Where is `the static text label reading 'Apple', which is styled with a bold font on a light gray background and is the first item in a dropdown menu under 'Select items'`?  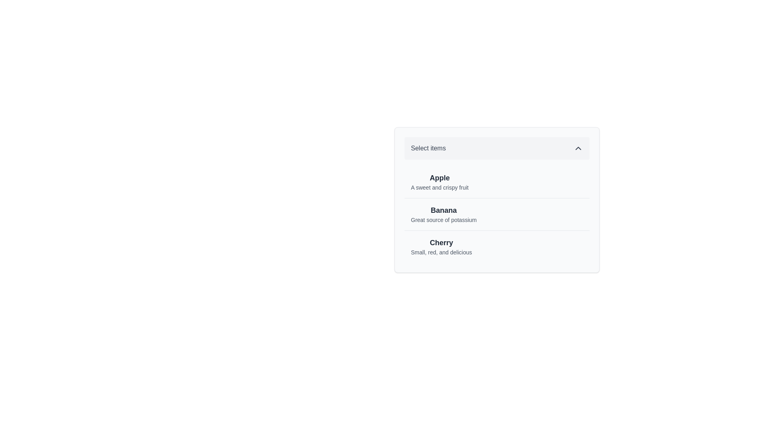 the static text label reading 'Apple', which is styled with a bold font on a light gray background and is the first item in a dropdown menu under 'Select items' is located at coordinates (439, 177).